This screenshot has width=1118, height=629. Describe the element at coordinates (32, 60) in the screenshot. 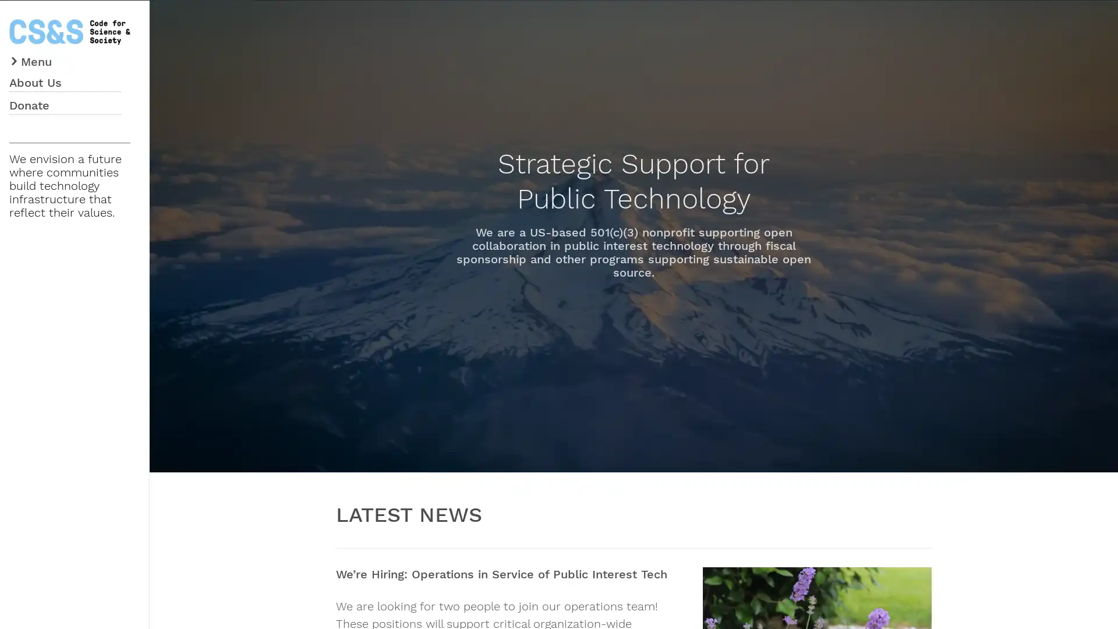

I see `open navigation` at that location.